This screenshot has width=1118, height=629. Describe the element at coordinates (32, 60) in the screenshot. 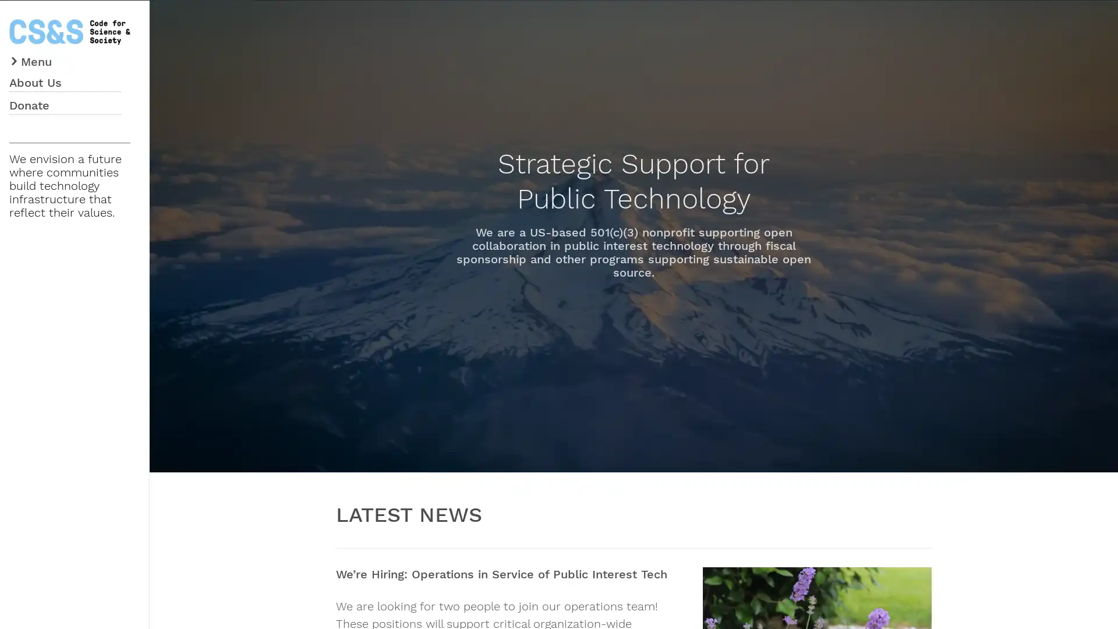

I see `open navigation` at that location.